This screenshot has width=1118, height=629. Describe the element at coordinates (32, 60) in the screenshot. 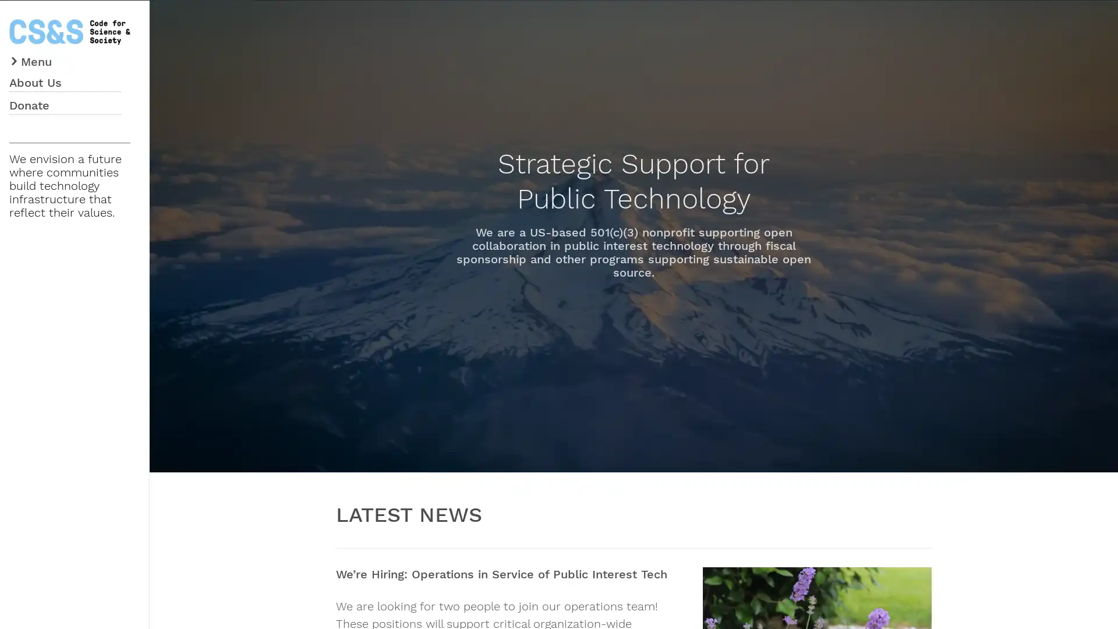

I see `open navigation` at that location.